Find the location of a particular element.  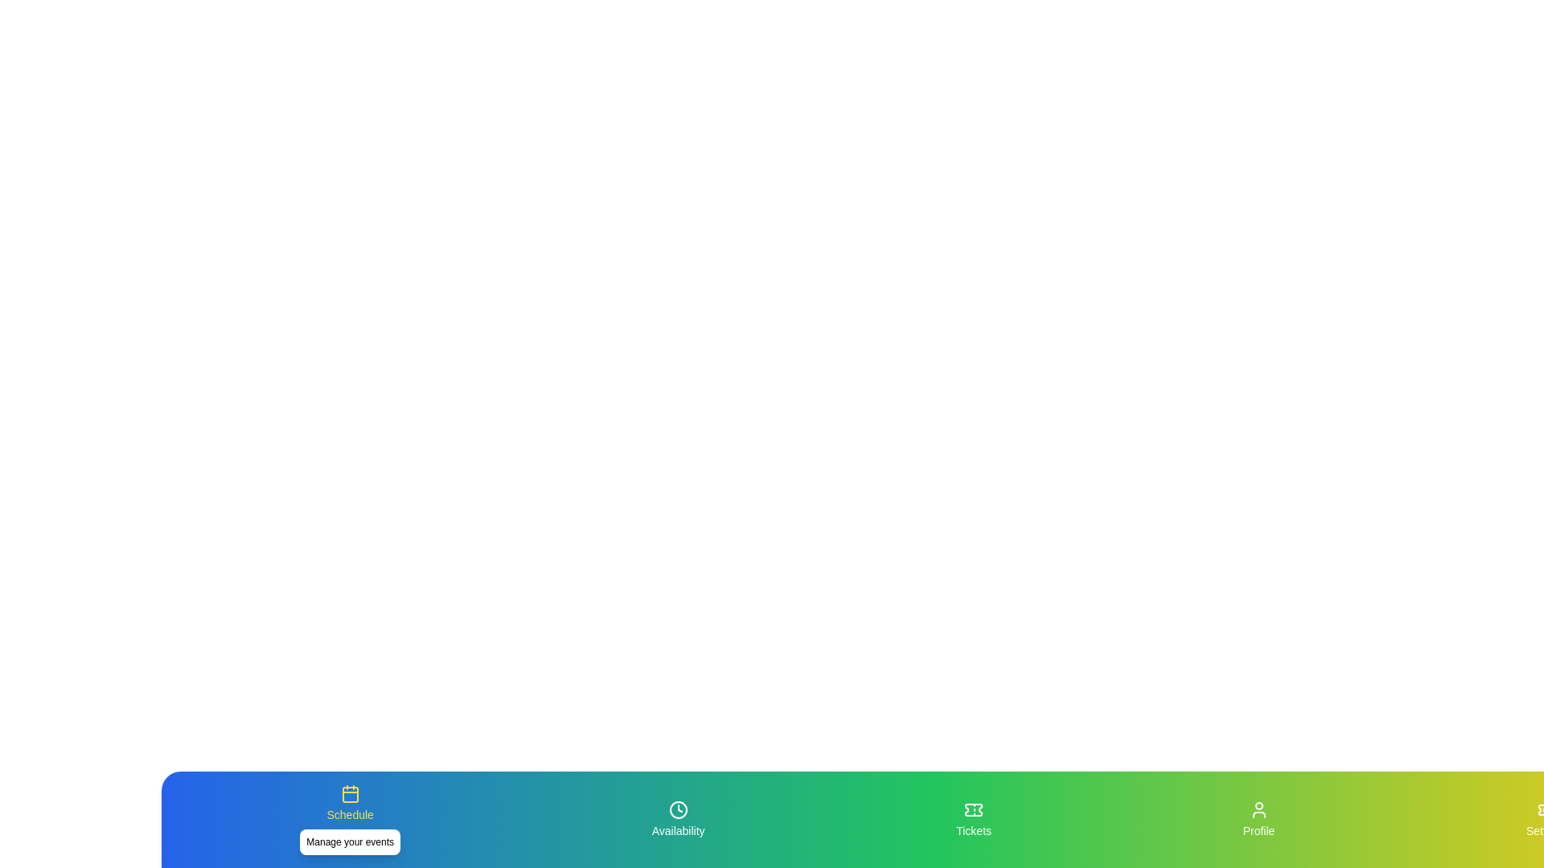

the tab labeled 'Schedule' to view its description is located at coordinates (349, 819).